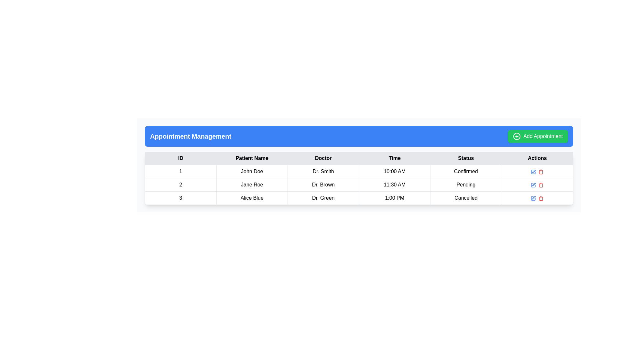 The width and height of the screenshot is (621, 349). What do you see at coordinates (358, 171) in the screenshot?
I see `the first row of the appointment details table in the 'Appointment Management' section` at bounding box center [358, 171].